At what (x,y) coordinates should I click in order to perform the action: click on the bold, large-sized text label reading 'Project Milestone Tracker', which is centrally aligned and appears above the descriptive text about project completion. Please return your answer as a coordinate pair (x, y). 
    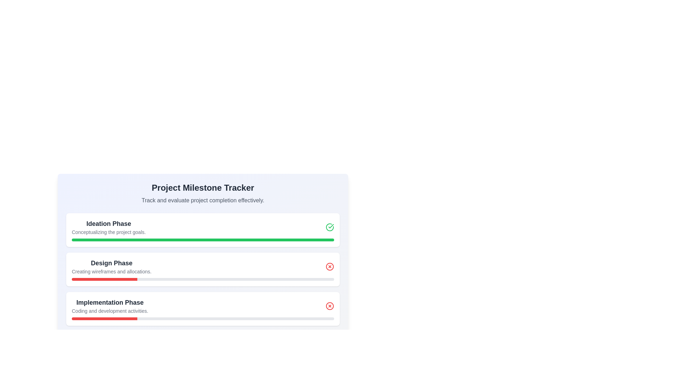
    Looking at the image, I should click on (202, 187).